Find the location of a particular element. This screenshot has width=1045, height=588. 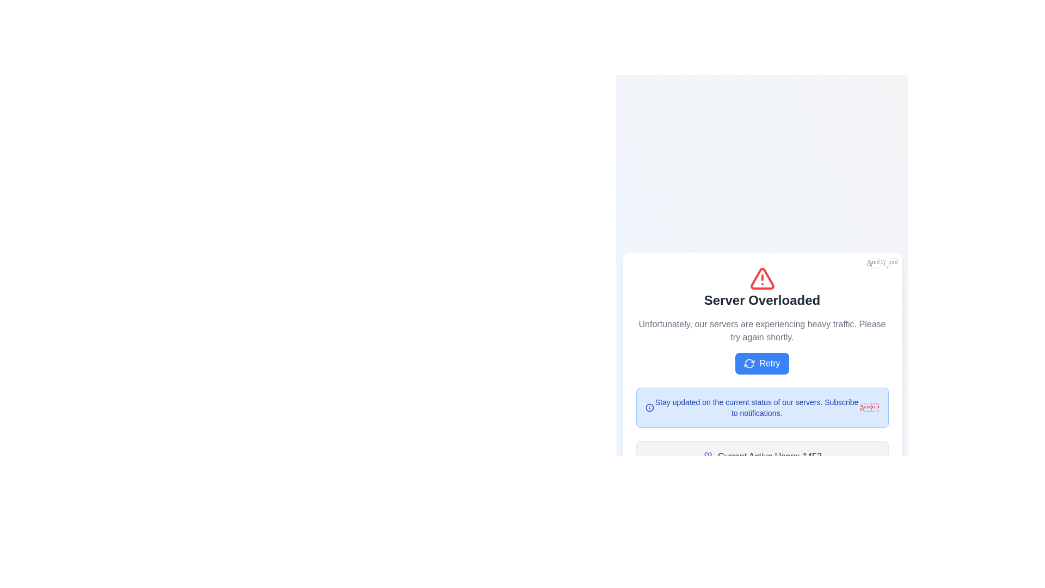

the circular blue icon with an 'i' symbol, located at the beginning of the notification message in the light blue card is located at coordinates (649, 407).